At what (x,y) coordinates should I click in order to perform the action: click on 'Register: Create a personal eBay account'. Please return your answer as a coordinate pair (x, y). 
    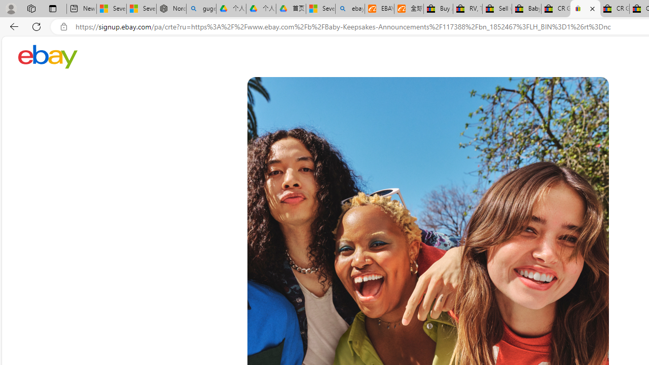
    Looking at the image, I should click on (585, 9).